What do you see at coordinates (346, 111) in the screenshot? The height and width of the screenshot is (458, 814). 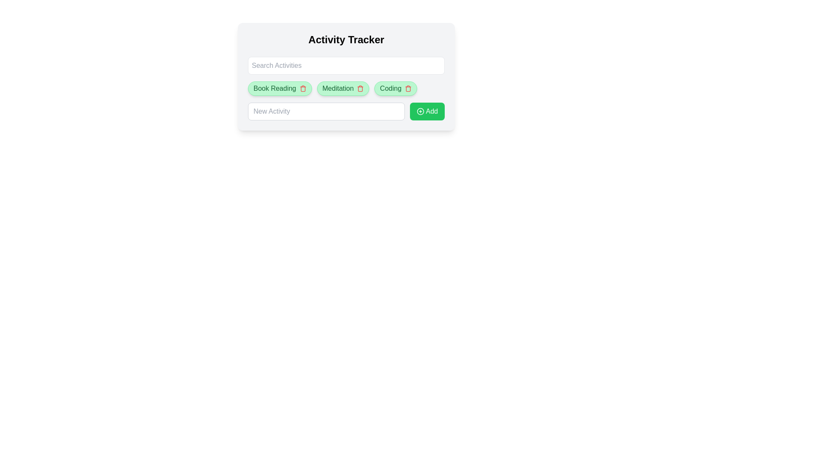 I see `the input field labeled 'New Activity' and the adjacent green button labeled 'Add'` at bounding box center [346, 111].